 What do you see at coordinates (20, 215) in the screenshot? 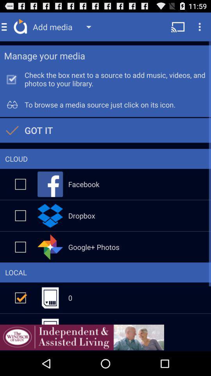
I see `option` at bounding box center [20, 215].